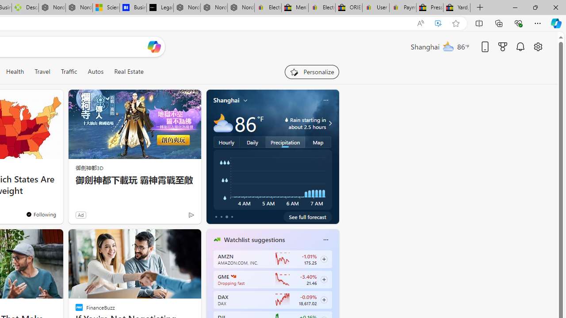 This screenshot has width=566, height=318. What do you see at coordinates (245, 100) in the screenshot?
I see `'My location'` at bounding box center [245, 100].